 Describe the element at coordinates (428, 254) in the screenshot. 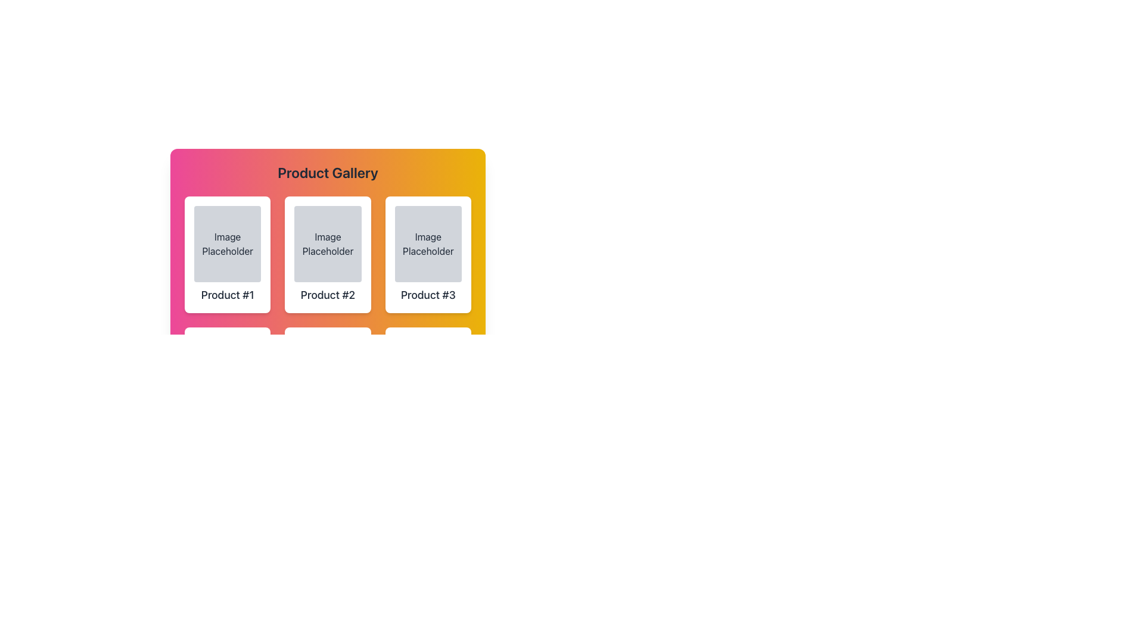

I see `the product display card titled 'Product #3', which is the right-most card in the first row of a grid layout containing six similar components` at that location.